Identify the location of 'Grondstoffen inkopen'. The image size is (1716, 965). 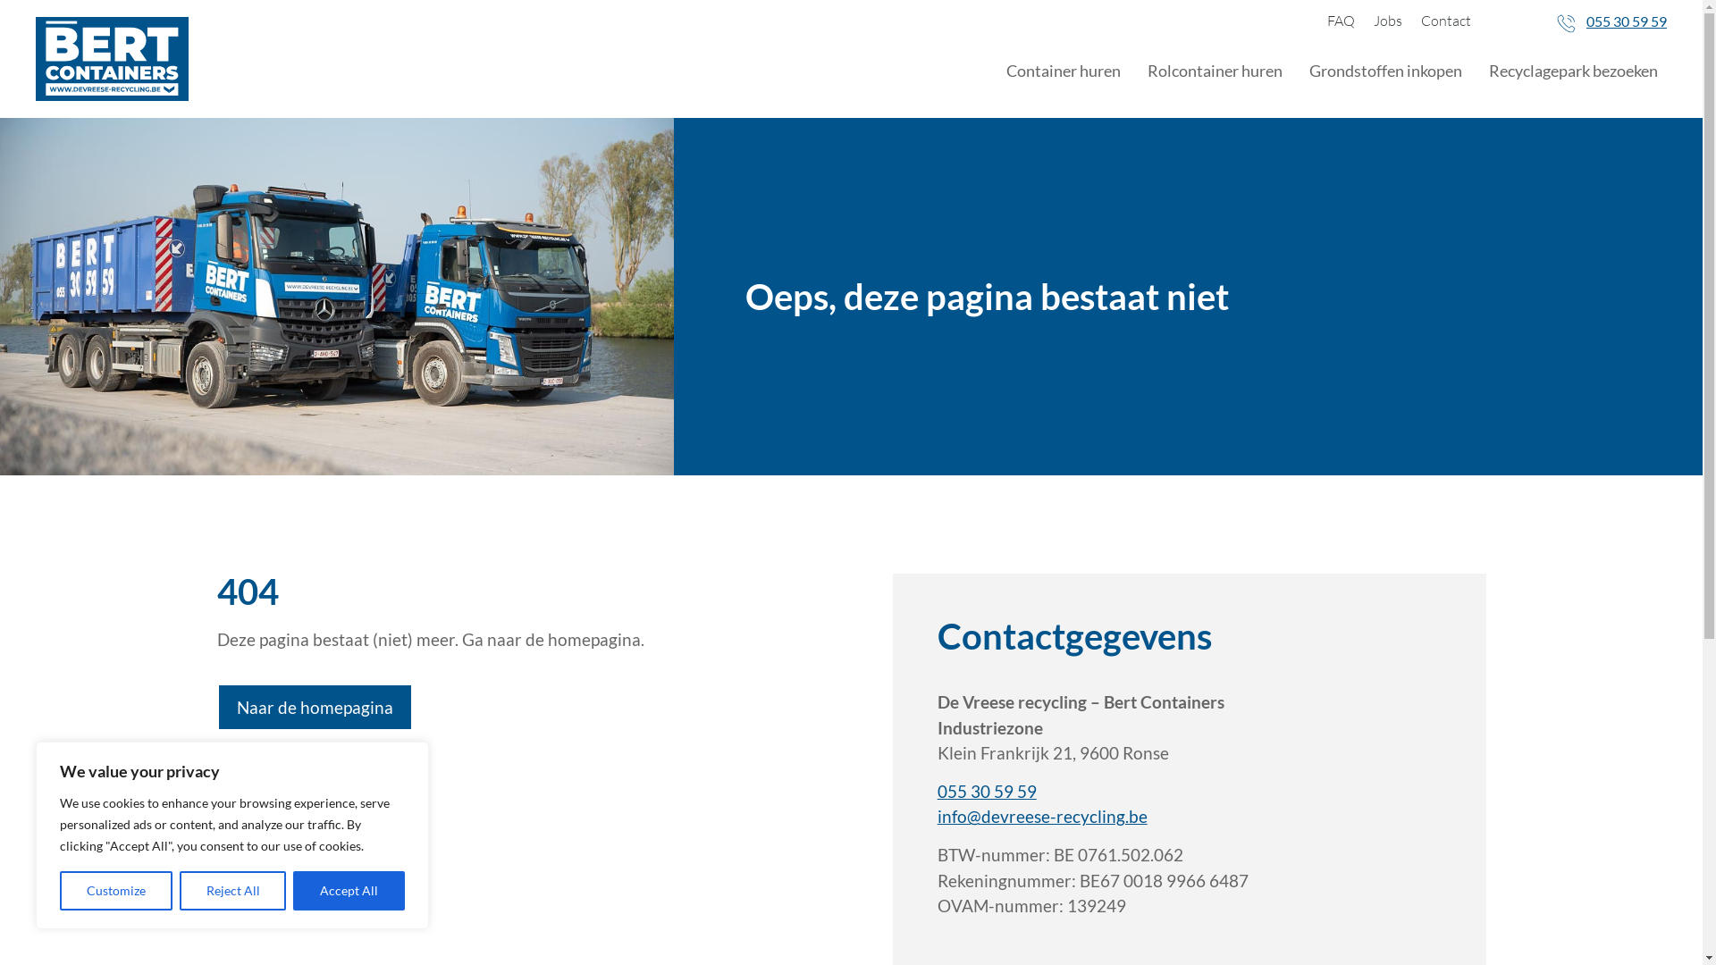
(1384, 69).